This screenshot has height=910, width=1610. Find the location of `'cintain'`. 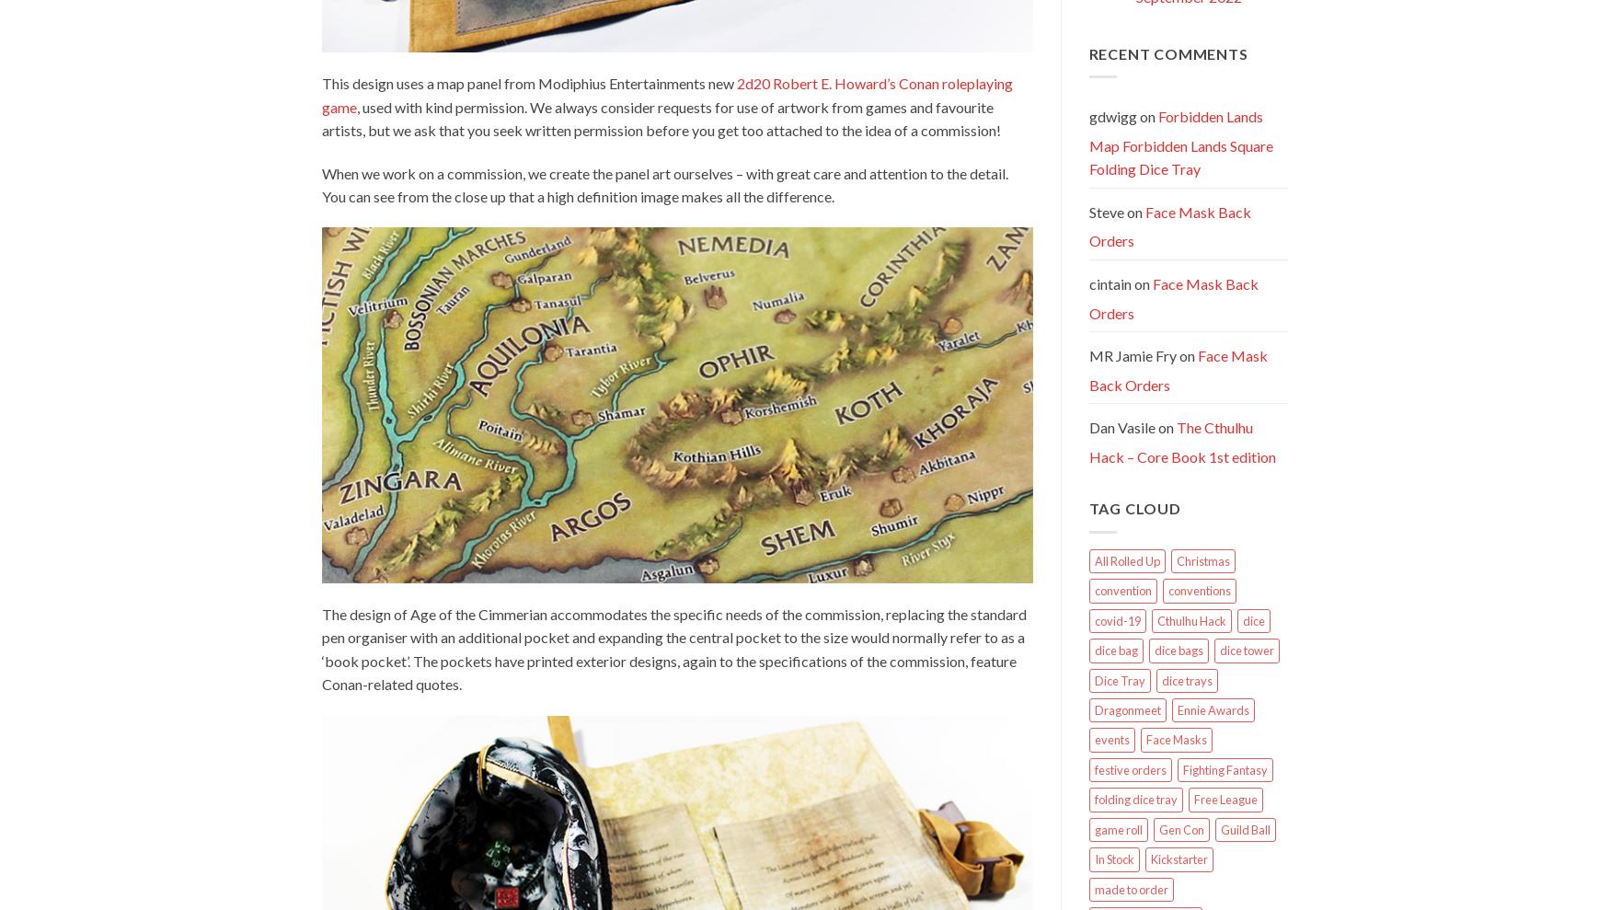

'cintain' is located at coordinates (1109, 282).